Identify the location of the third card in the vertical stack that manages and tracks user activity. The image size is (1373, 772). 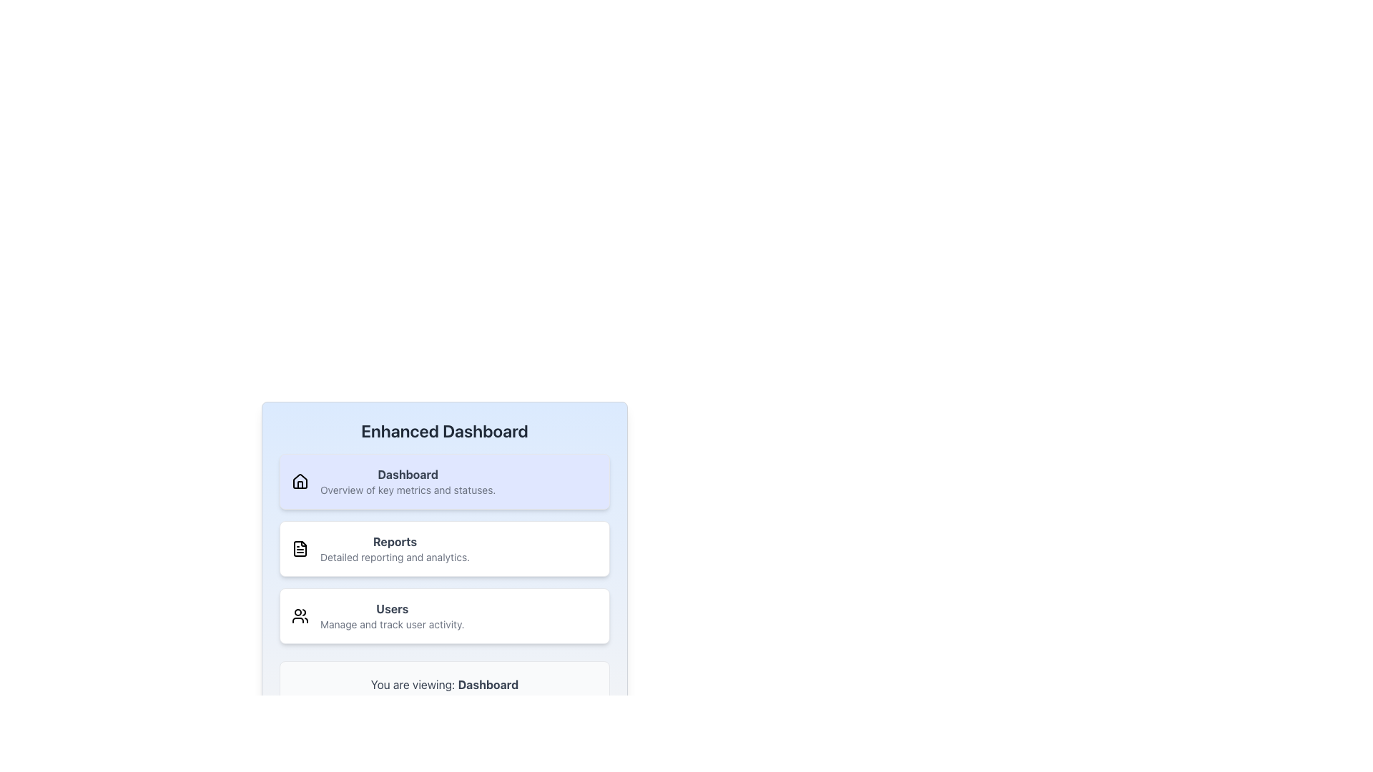
(444, 615).